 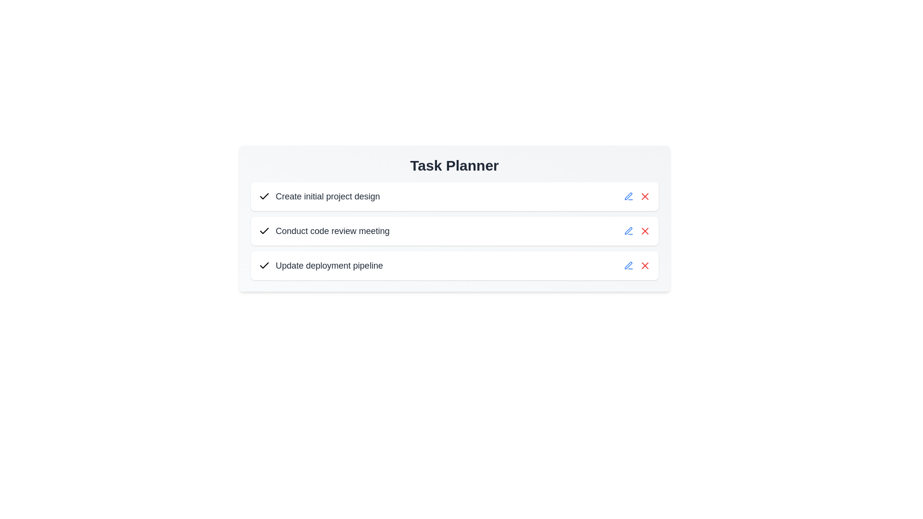 I want to click on the dynamic checkbox icon, so click(x=264, y=196).